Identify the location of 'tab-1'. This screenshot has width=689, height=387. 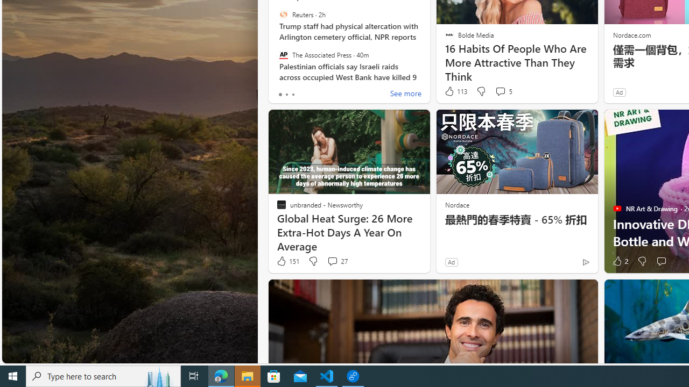
(286, 94).